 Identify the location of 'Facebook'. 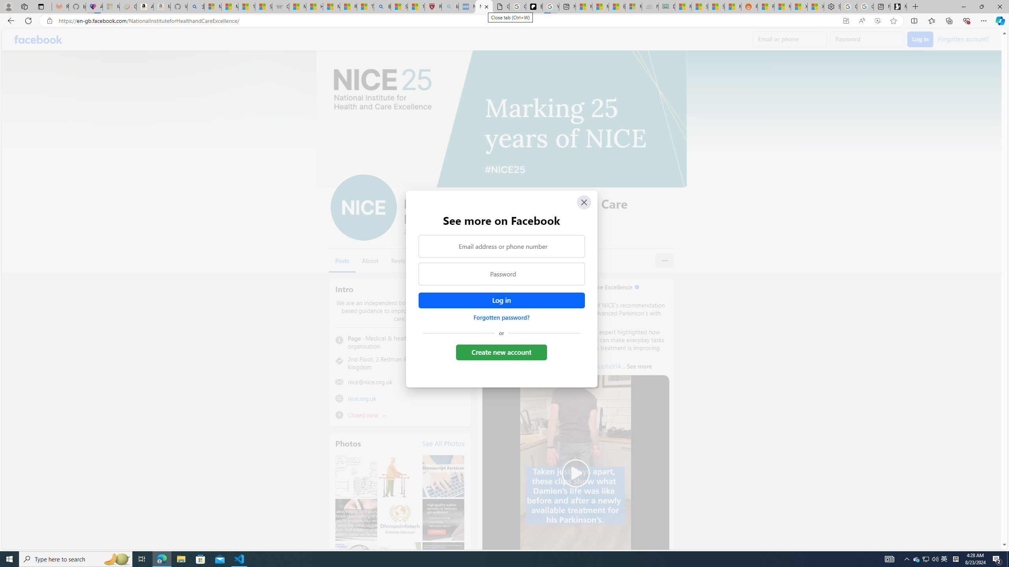
(38, 39).